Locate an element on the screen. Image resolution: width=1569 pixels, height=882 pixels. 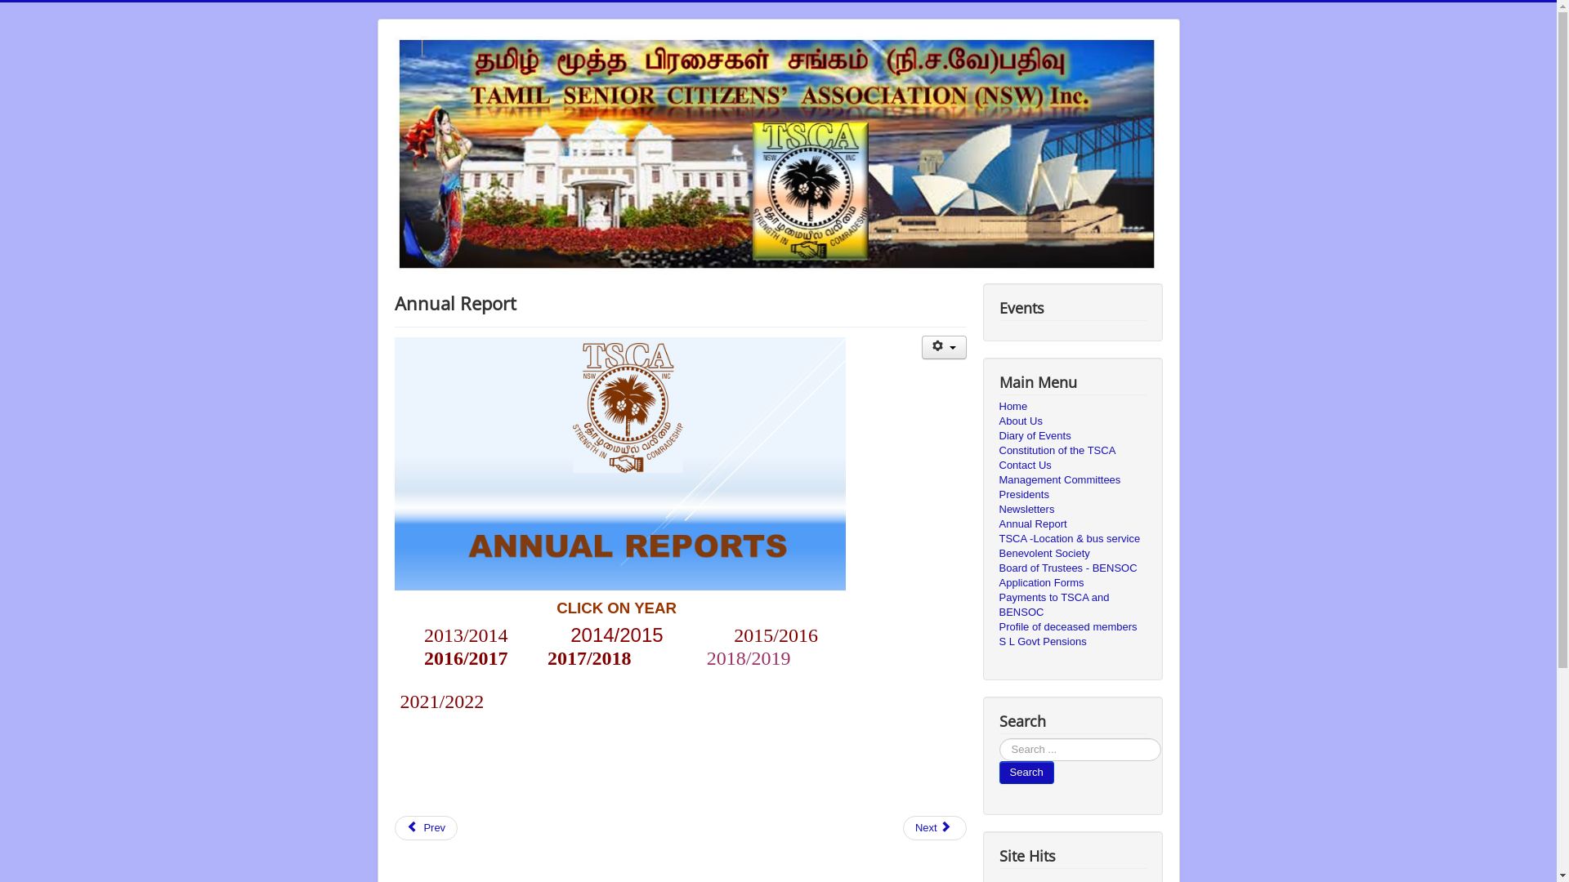
'Benevolent Society' is located at coordinates (1071, 553).